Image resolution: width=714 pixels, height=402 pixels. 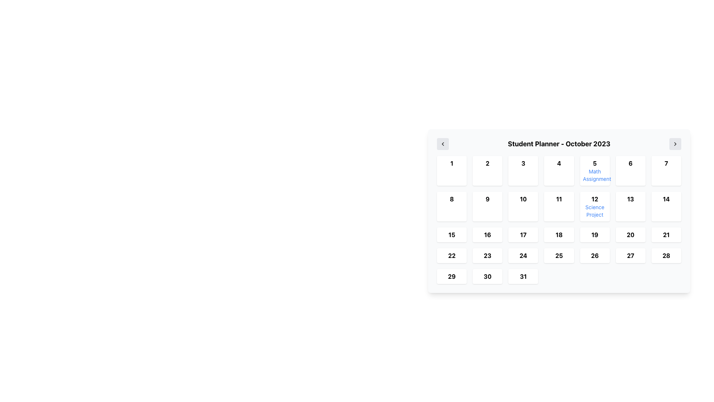 What do you see at coordinates (523, 277) in the screenshot?
I see `the bold date '31' in the calendar view, located at the fifth row and second column of the grid` at bounding box center [523, 277].